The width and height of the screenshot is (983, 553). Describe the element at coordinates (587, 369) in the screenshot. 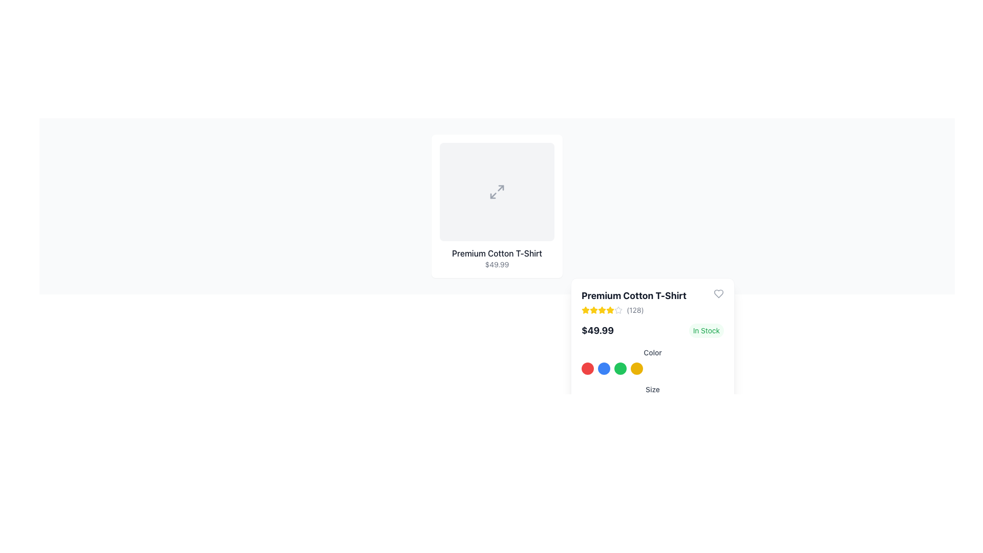

I see `the small circular button with a red background, located below the 'Color' label` at that location.